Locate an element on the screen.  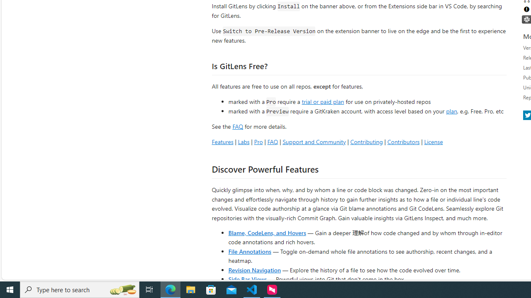
'Task View' is located at coordinates (149, 289).